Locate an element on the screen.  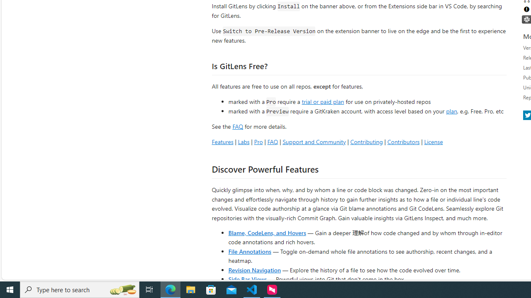
'Task View' is located at coordinates (149, 289).